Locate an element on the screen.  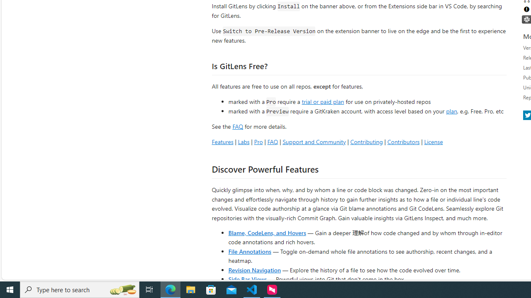
'Task View' is located at coordinates (149, 289).